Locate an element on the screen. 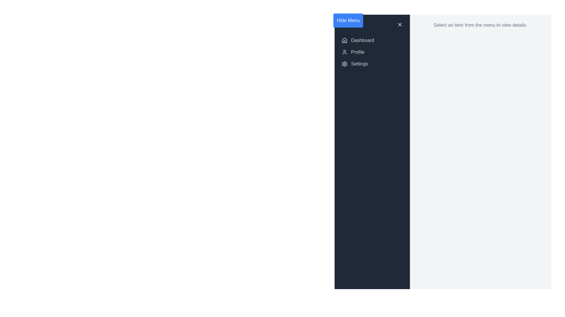 This screenshot has width=565, height=317. the 'Profile' menu item, which is the second item in a vertical menu is located at coordinates (372, 52).